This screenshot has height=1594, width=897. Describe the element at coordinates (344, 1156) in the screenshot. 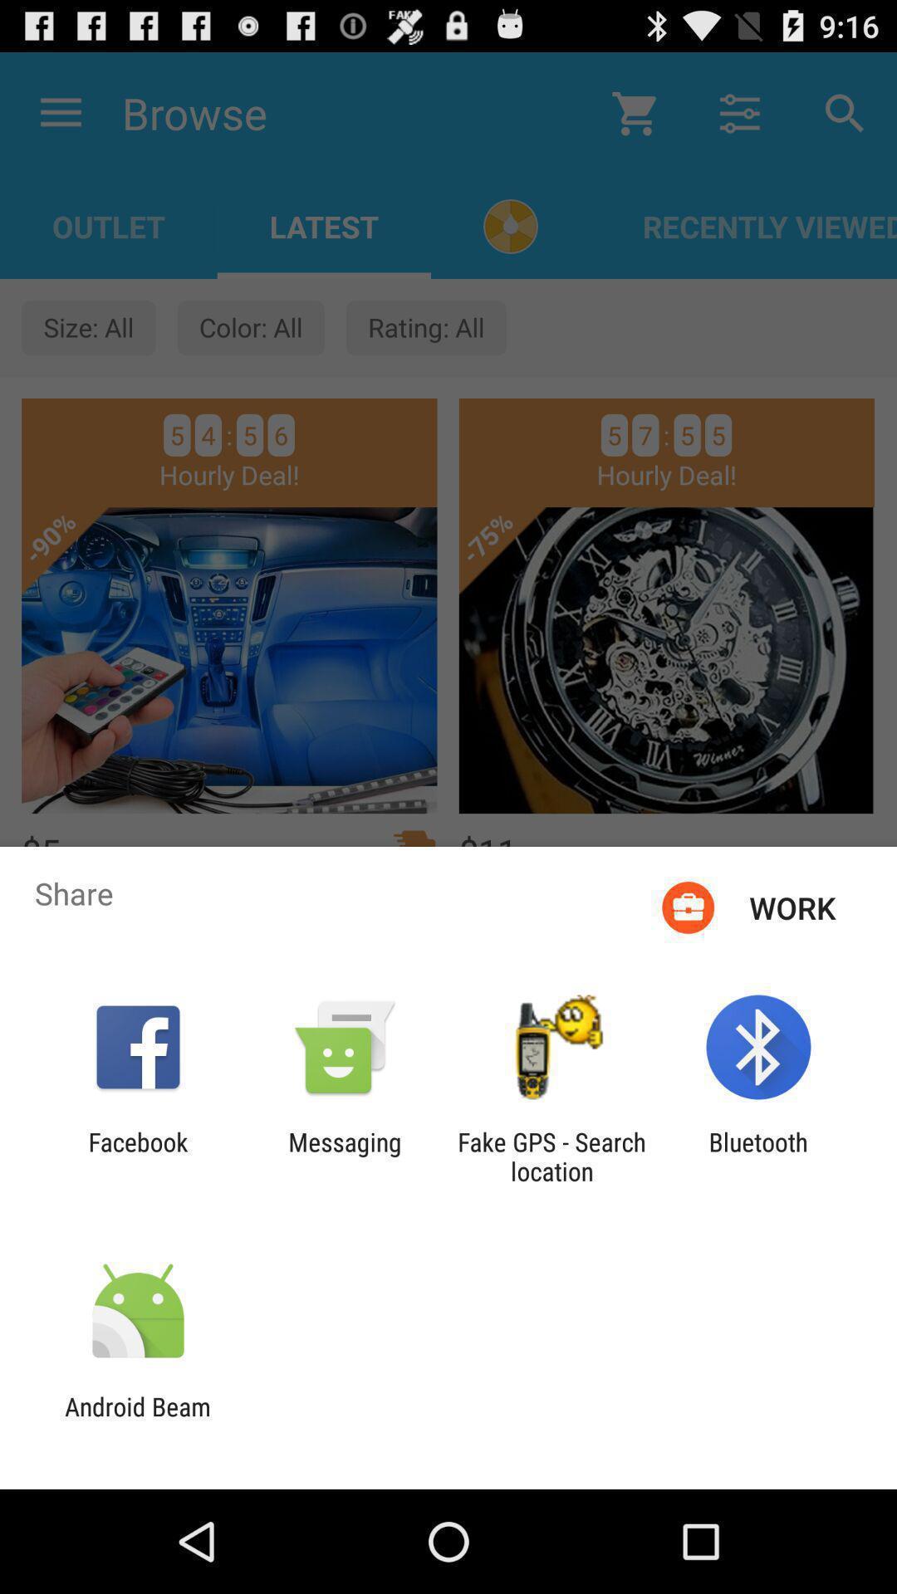

I see `the item to the right of facebook item` at that location.